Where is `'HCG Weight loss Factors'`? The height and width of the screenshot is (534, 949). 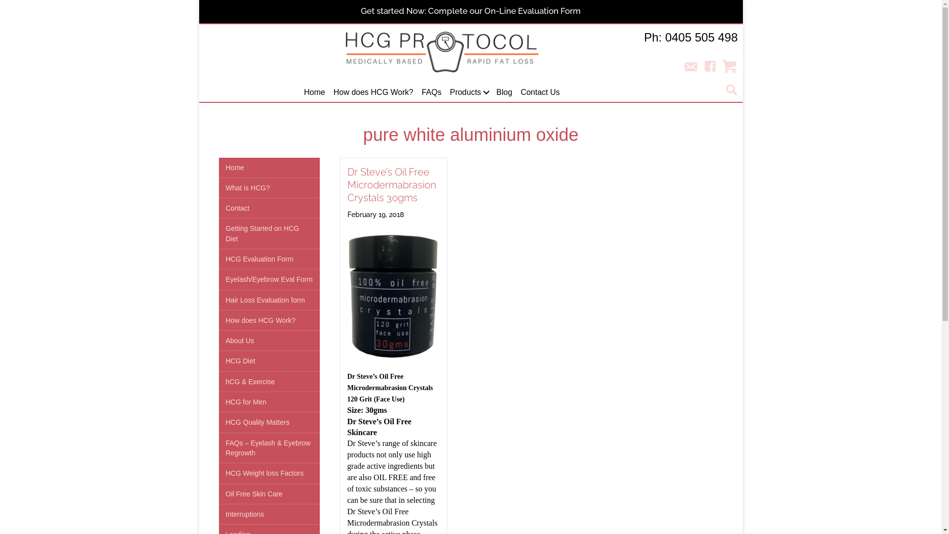 'HCG Weight loss Factors' is located at coordinates (268, 472).